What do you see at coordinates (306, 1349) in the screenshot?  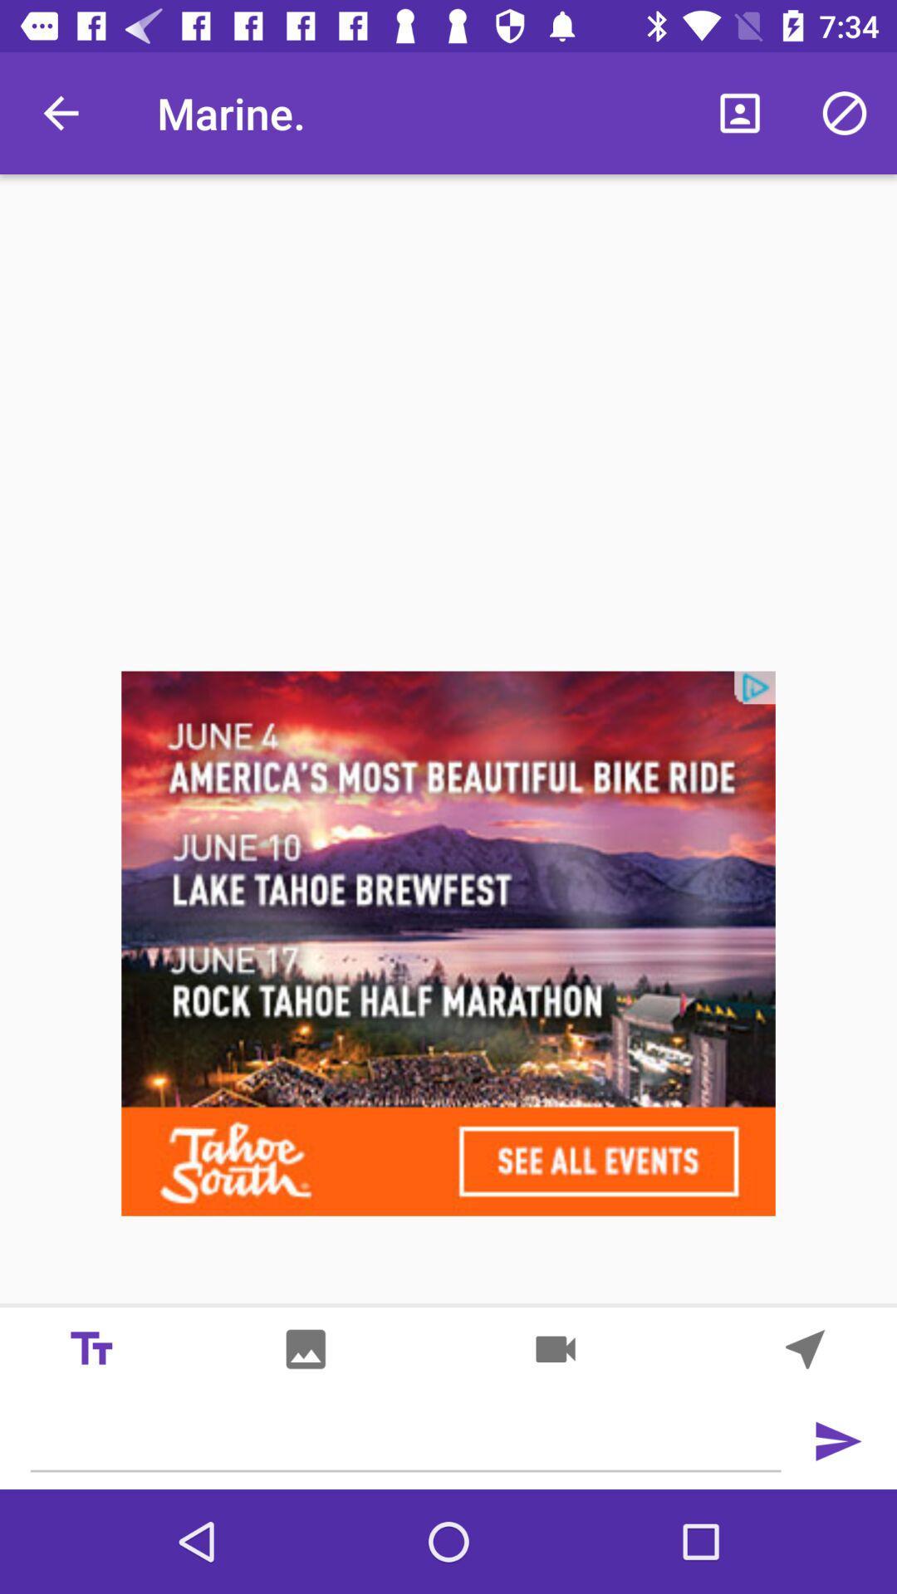 I see `the wallpaper icon` at bounding box center [306, 1349].